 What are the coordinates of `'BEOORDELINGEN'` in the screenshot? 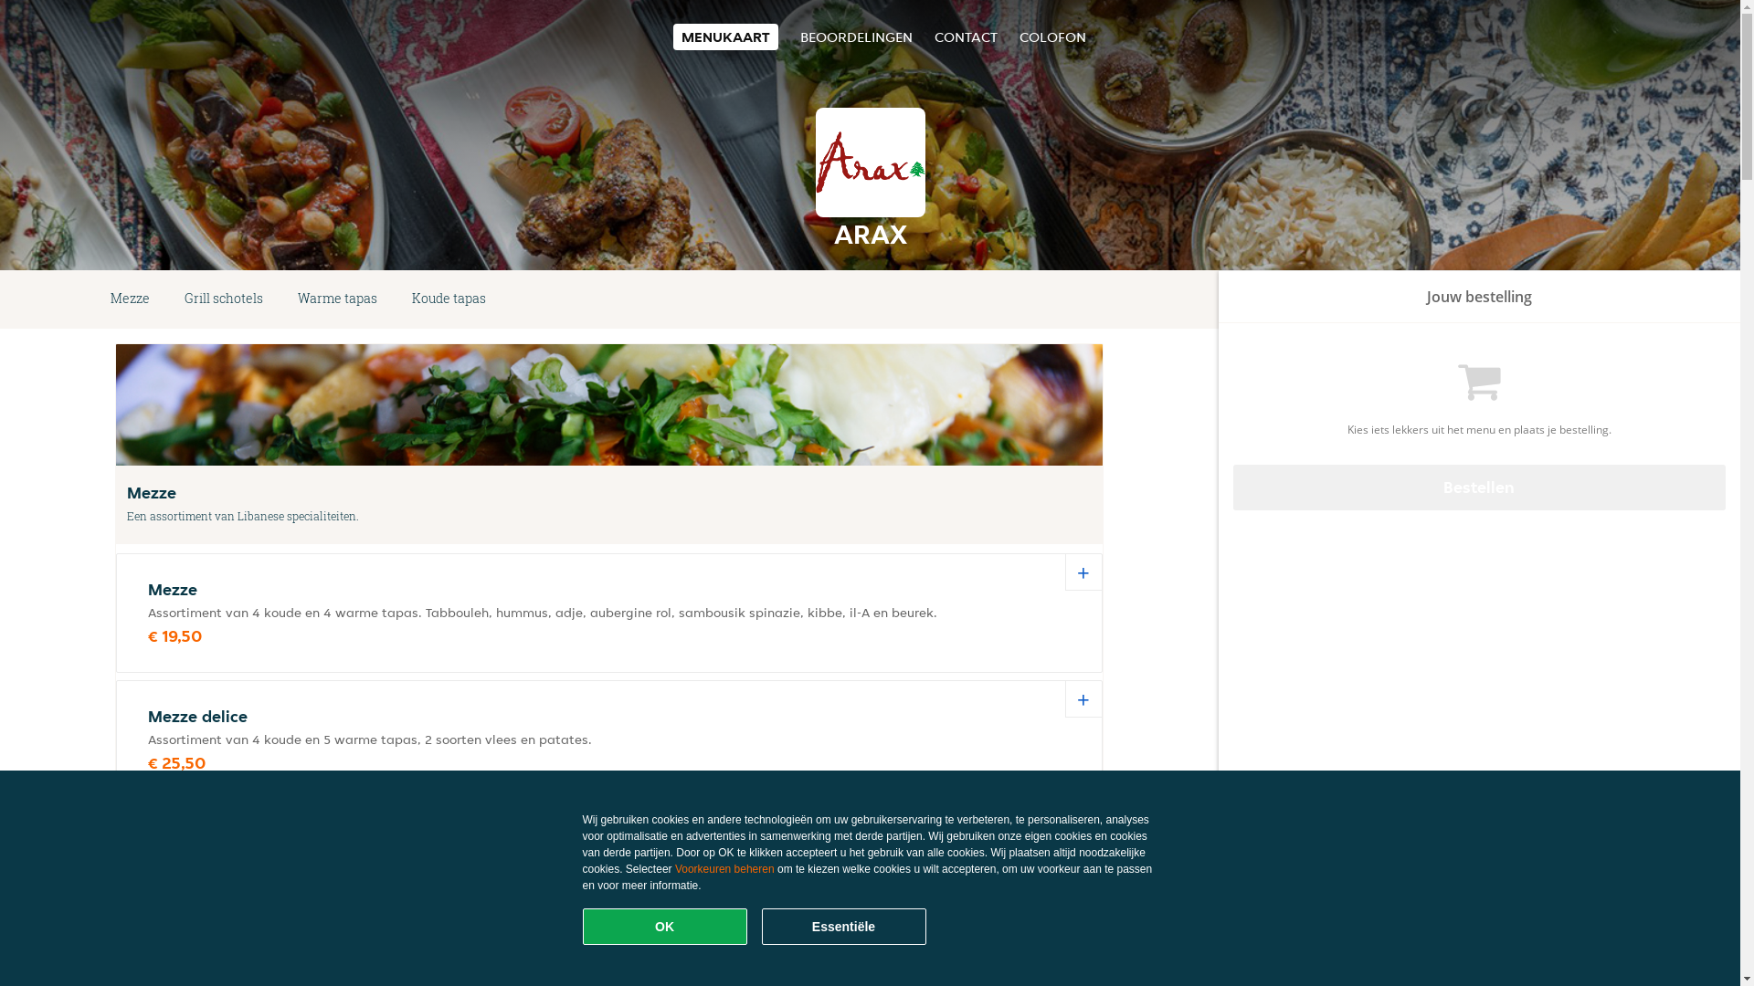 It's located at (799, 37).